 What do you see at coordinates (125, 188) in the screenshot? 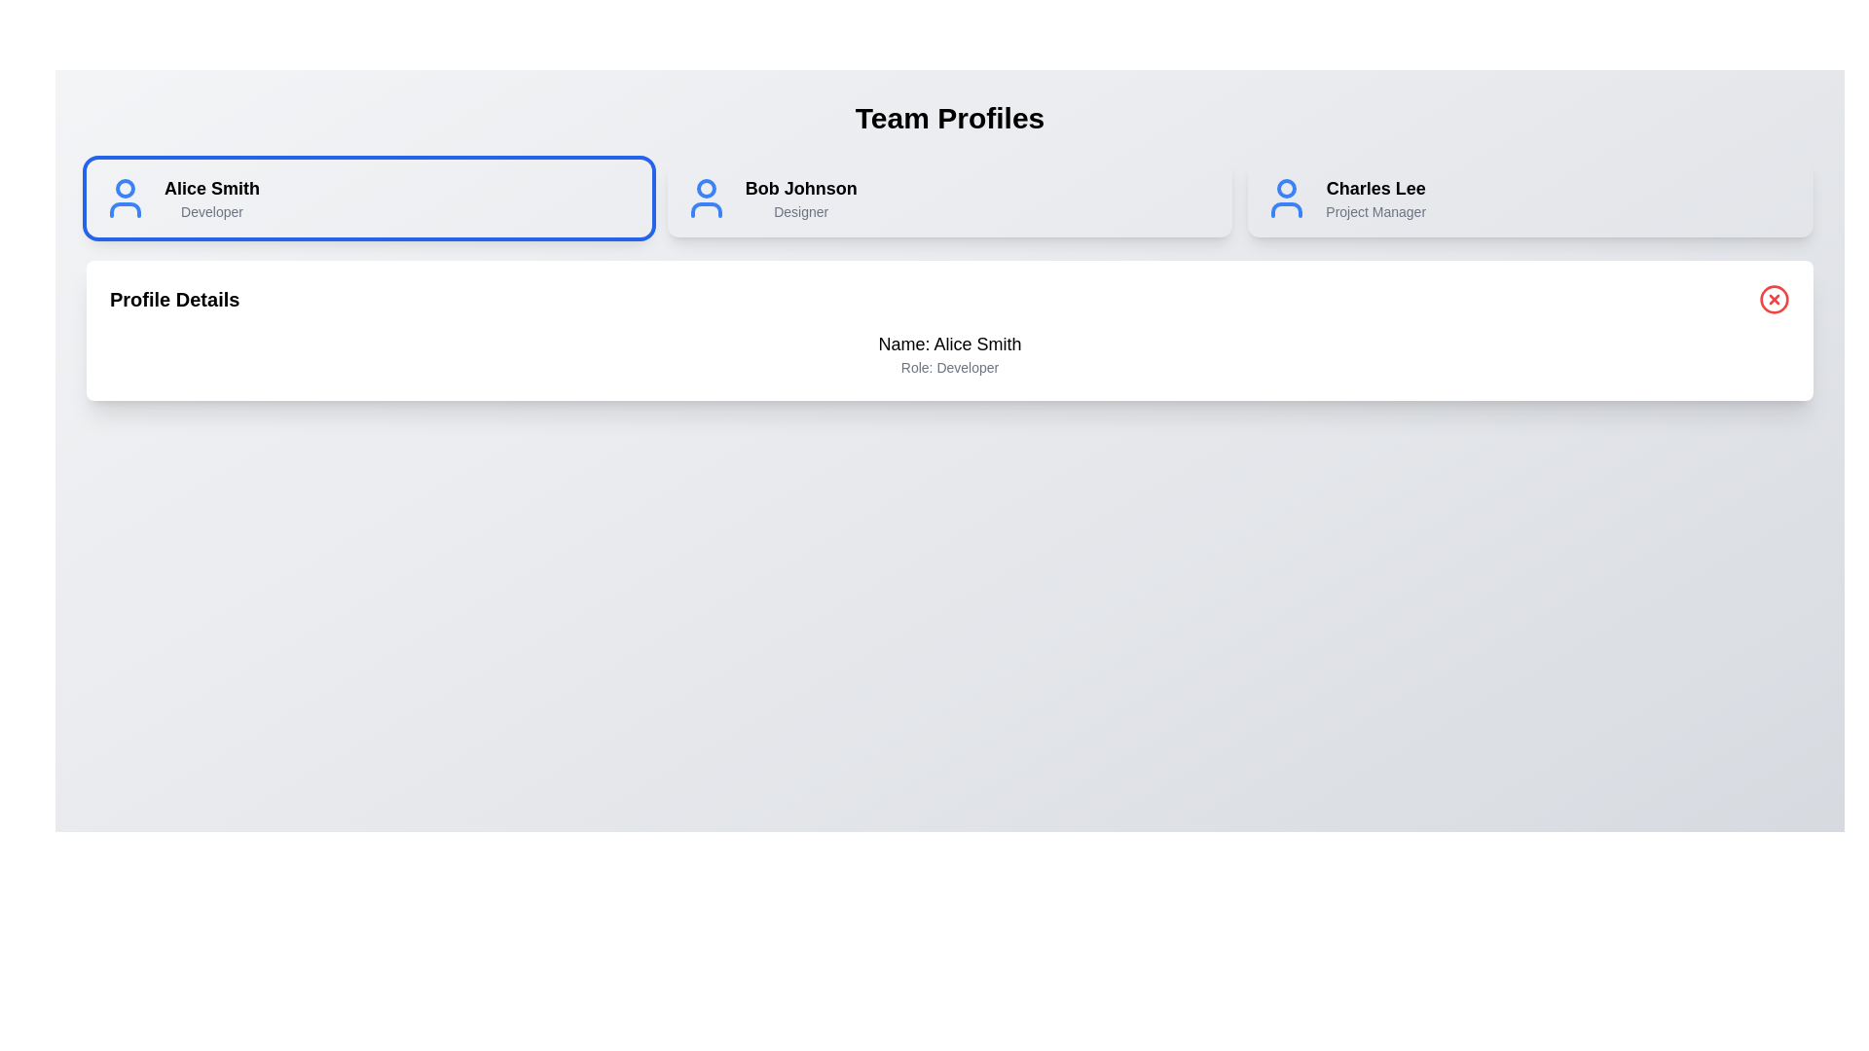
I see `the user profile icon by clicking on the upper circular part of the icon, which serves as an avatar placeholder within the first profile card` at bounding box center [125, 188].